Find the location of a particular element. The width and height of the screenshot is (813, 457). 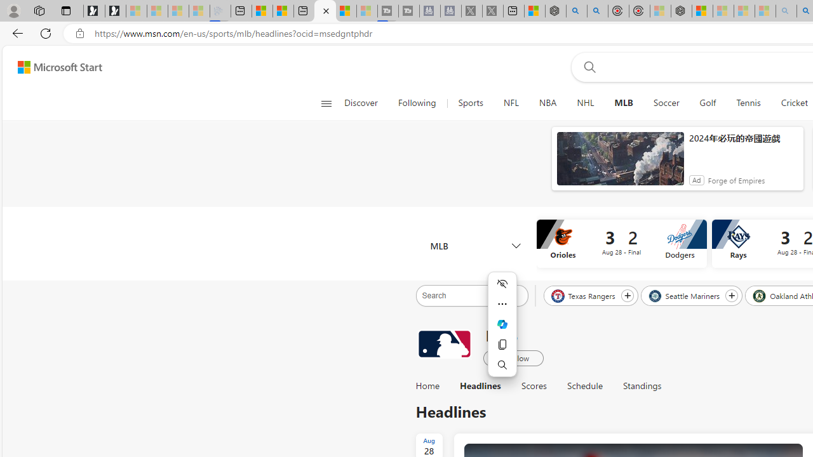

'Copy' is located at coordinates (502, 344).